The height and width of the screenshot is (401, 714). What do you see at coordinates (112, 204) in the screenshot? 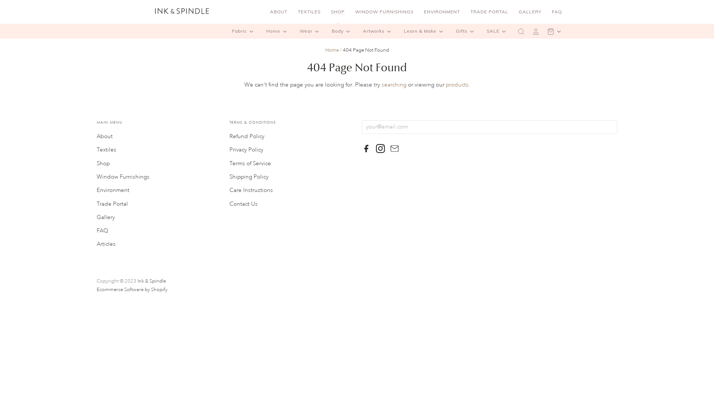
I see `'Trade Portal'` at bounding box center [112, 204].